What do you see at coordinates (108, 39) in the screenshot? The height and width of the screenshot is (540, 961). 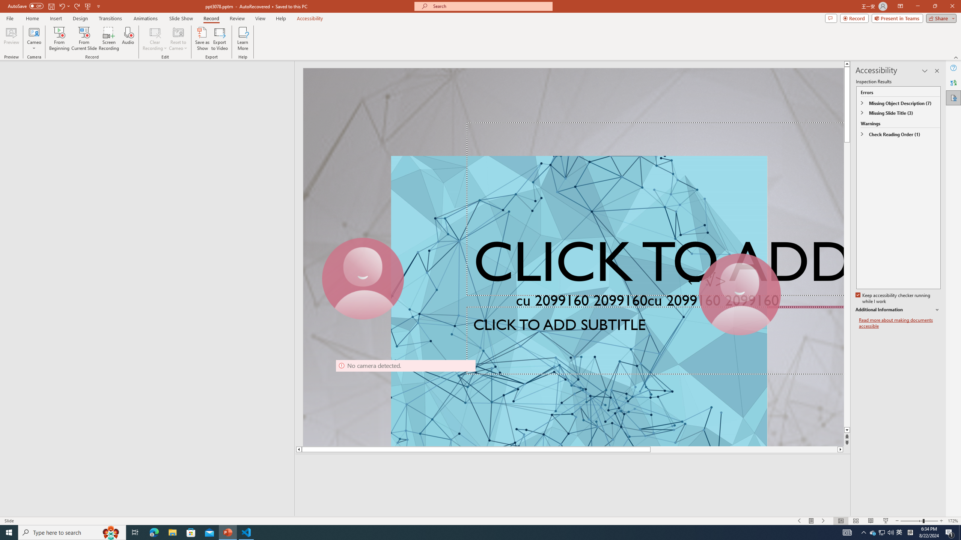 I see `'Screen Recording'` at bounding box center [108, 39].